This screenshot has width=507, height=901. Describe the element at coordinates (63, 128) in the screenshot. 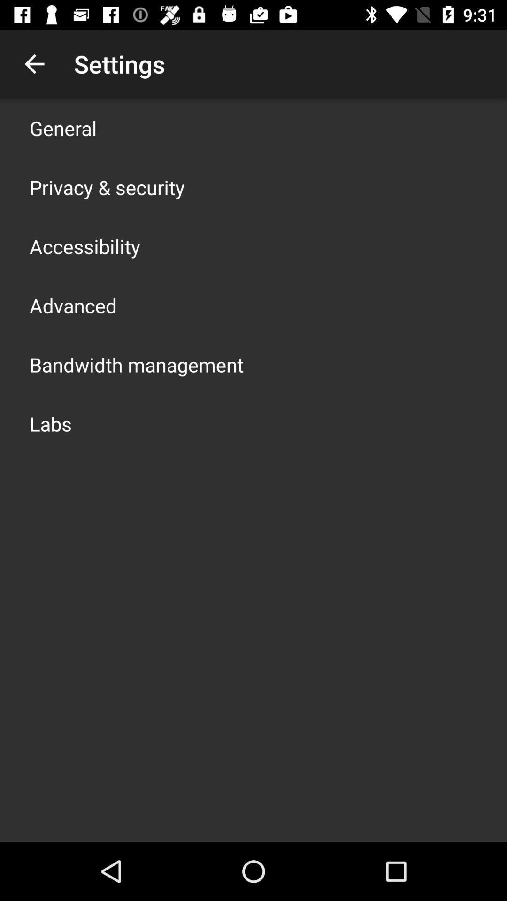

I see `the general icon` at that location.